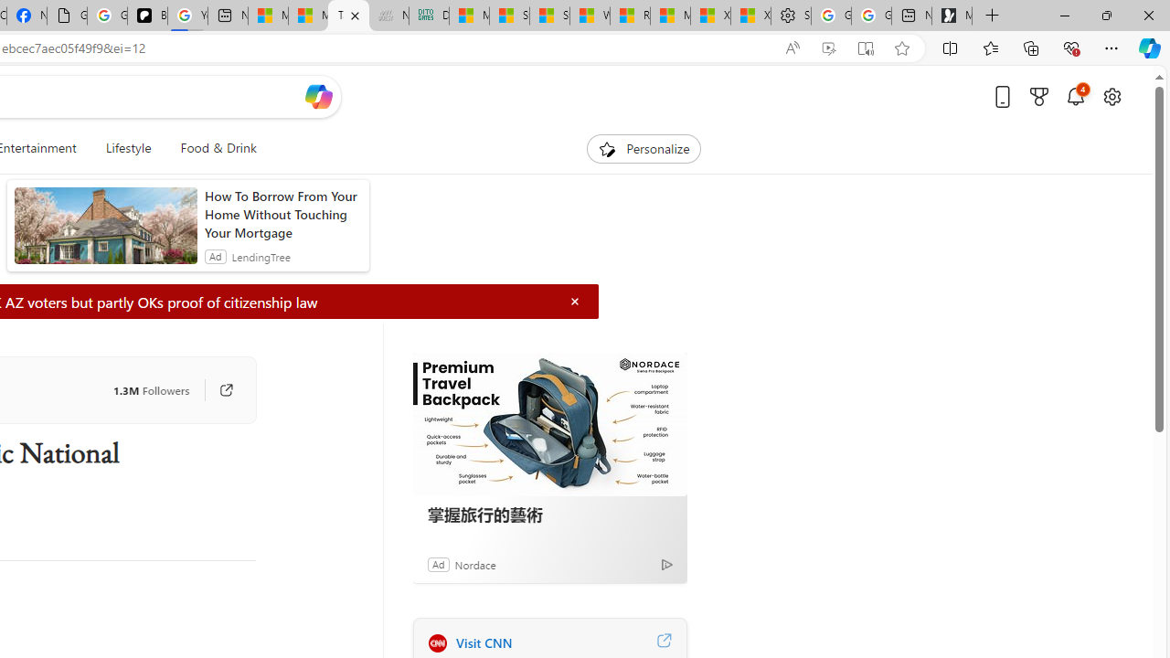 The image size is (1170, 658). I want to click on 'Be Smart | creating Science videos | Patreon', so click(147, 16).